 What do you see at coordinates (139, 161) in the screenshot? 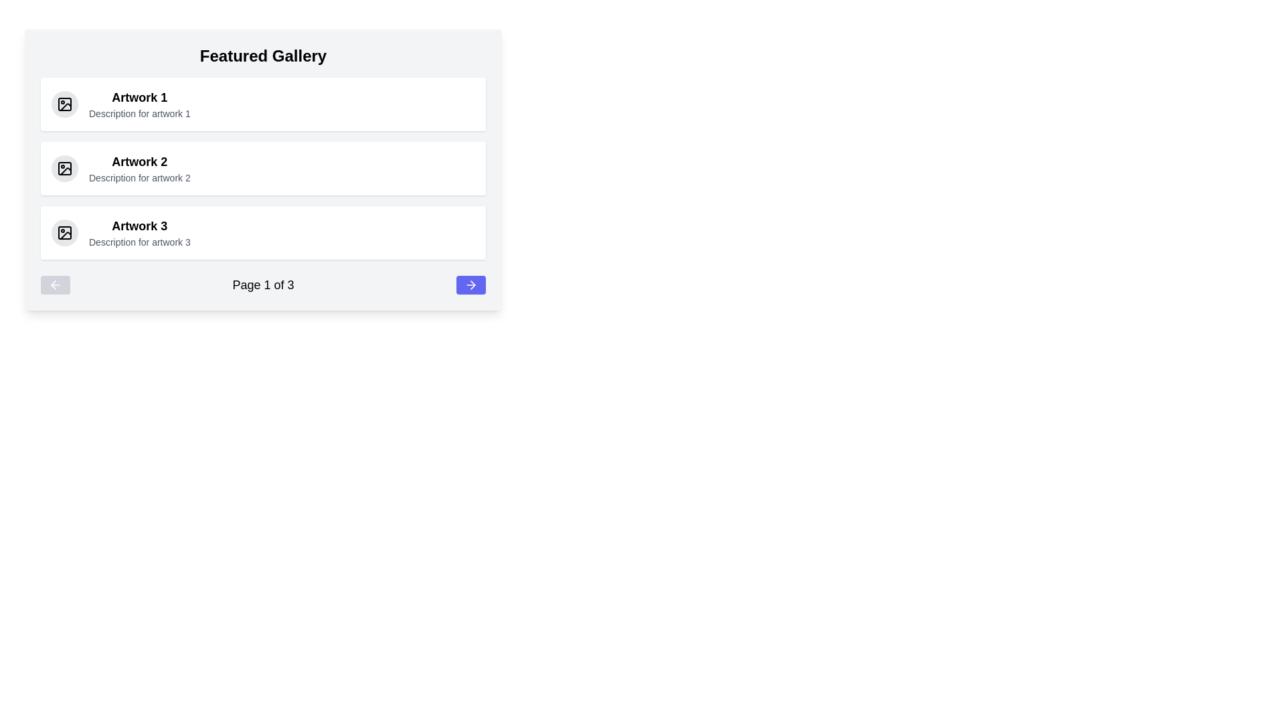
I see `the bold title 'Artwork 2' in the second card of the 'Featured Gallery' section` at bounding box center [139, 161].